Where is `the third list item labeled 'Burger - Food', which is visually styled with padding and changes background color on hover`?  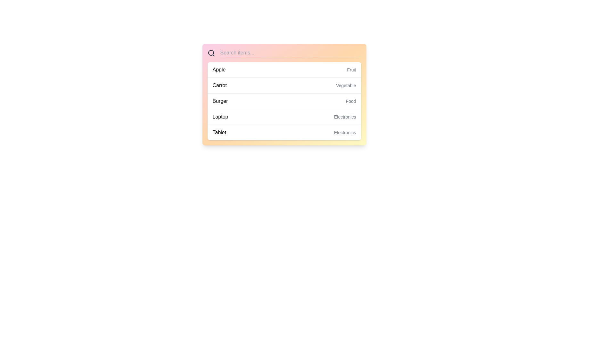 the third list item labeled 'Burger - Food', which is visually styled with padding and changes background color on hover is located at coordinates (284, 95).